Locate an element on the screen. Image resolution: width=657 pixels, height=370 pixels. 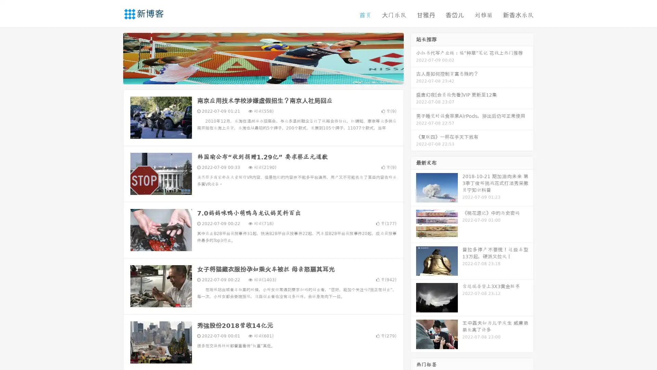
Go to slide 3 is located at coordinates (270, 77).